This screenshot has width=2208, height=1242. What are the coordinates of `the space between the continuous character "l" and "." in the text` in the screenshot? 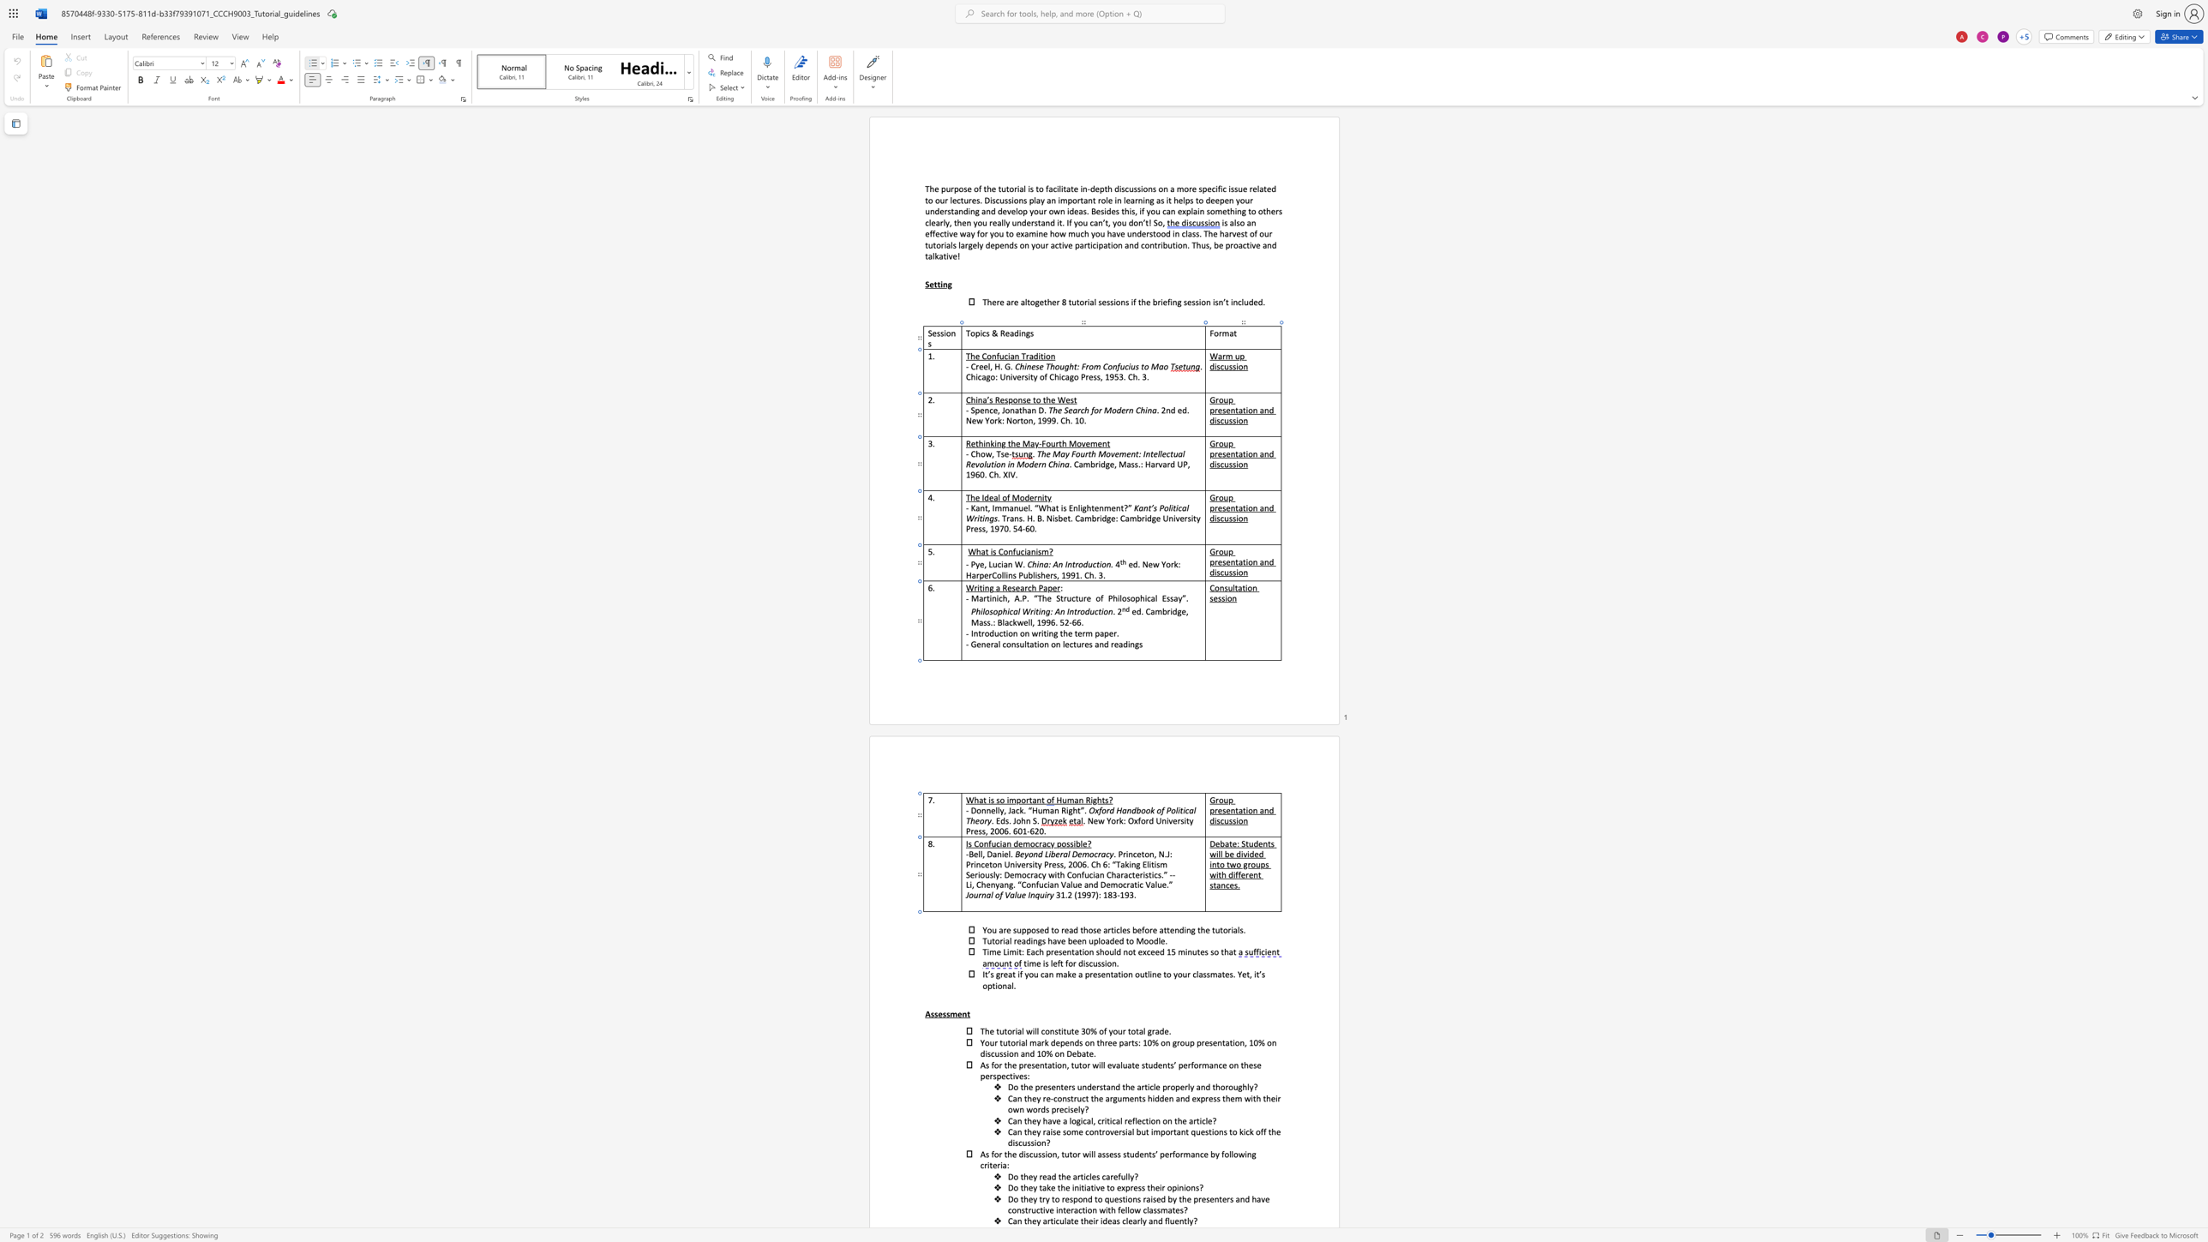 It's located at (1014, 985).